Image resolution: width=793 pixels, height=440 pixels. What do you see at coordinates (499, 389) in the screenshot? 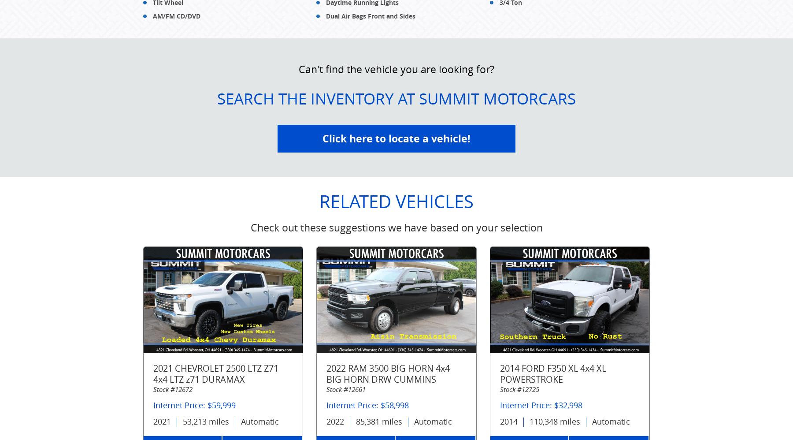
I see `'Stock #12725'` at bounding box center [499, 389].